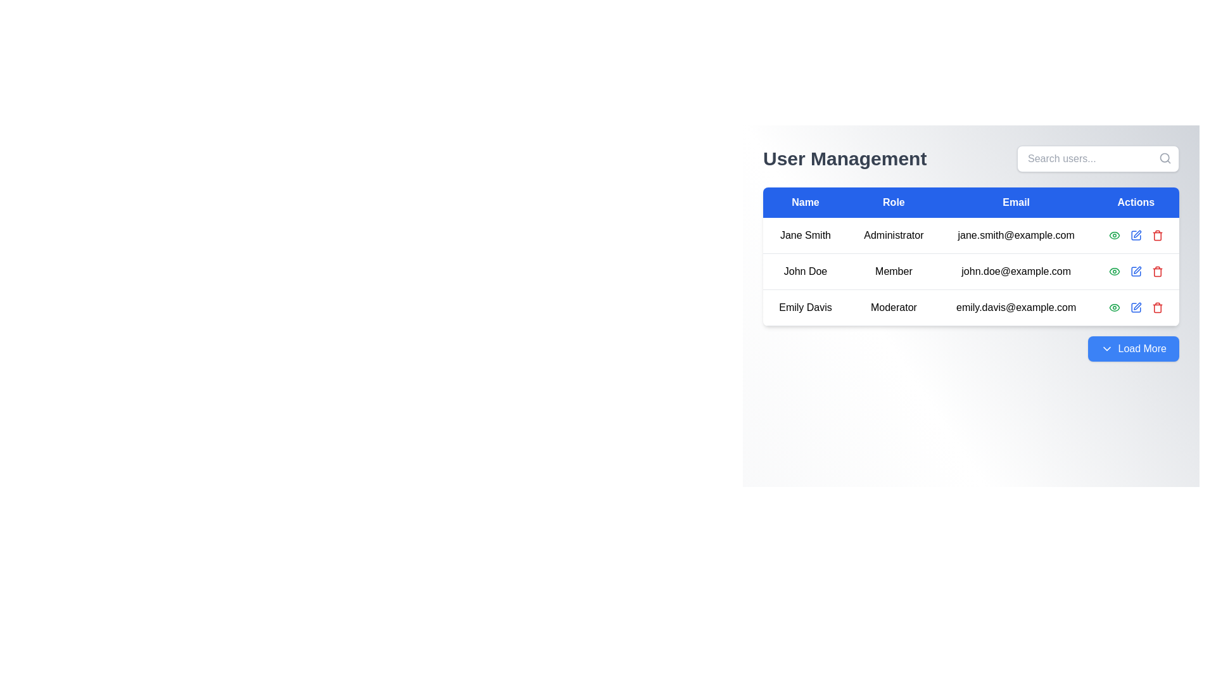 Image resolution: width=1216 pixels, height=684 pixels. What do you see at coordinates (1113, 270) in the screenshot?
I see `the green eye-shaped interactive icon located in the first position of the 'Actions' column in the second row of the user management table` at bounding box center [1113, 270].